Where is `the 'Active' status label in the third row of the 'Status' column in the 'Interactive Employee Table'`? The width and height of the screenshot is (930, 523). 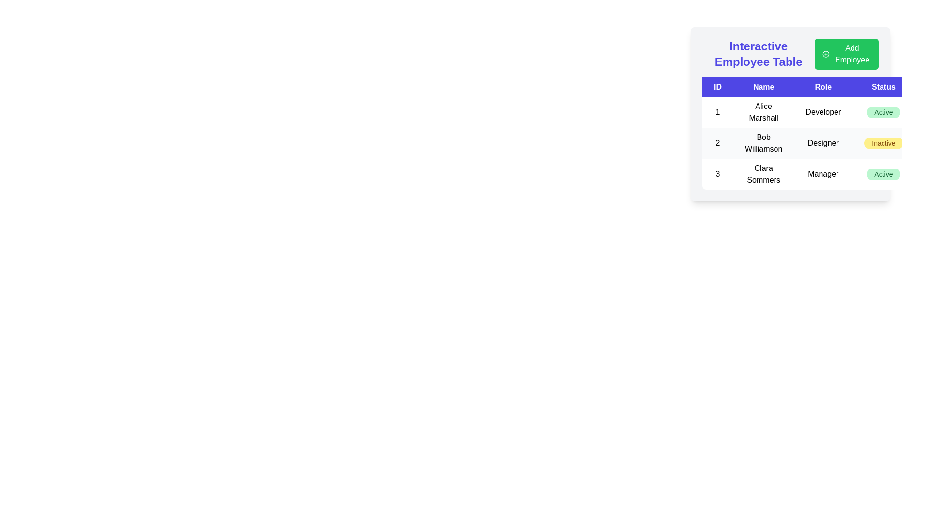 the 'Active' status label in the third row of the 'Status' column in the 'Interactive Employee Table' is located at coordinates (883, 111).